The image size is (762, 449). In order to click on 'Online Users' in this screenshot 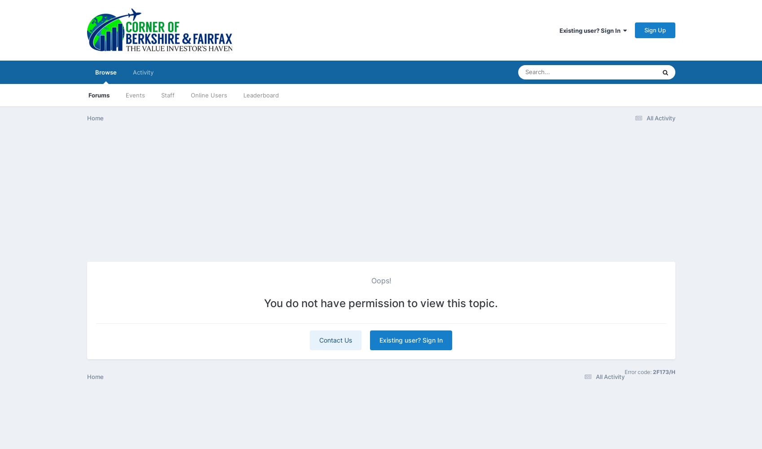, I will do `click(208, 95)`.